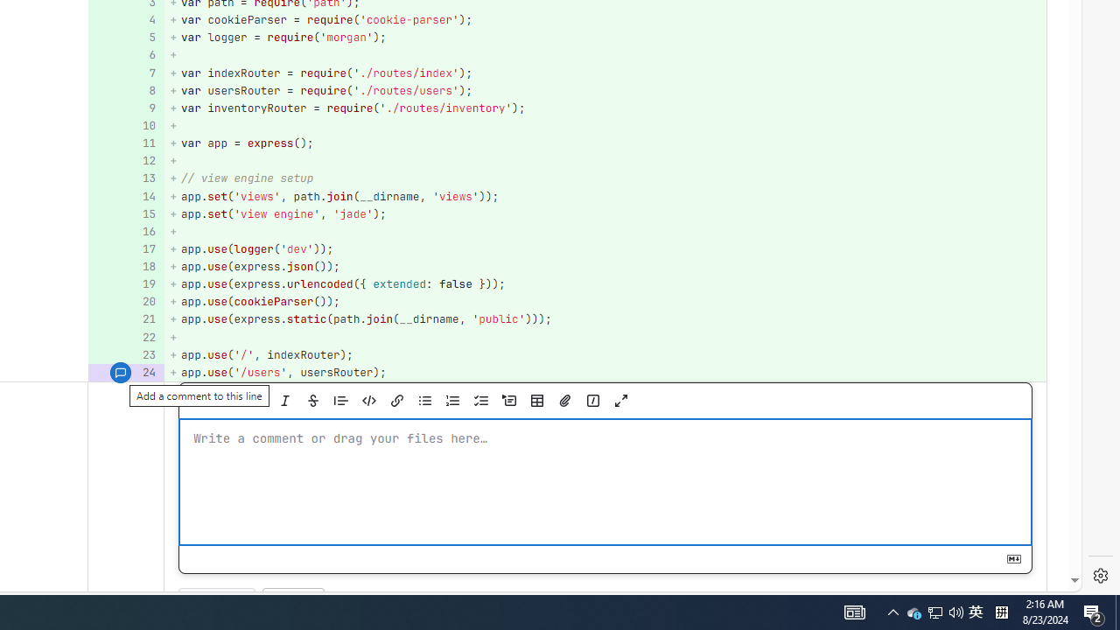 This screenshot has width=1120, height=630. Describe the element at coordinates (215, 401) in the screenshot. I see `'Preview'` at that location.